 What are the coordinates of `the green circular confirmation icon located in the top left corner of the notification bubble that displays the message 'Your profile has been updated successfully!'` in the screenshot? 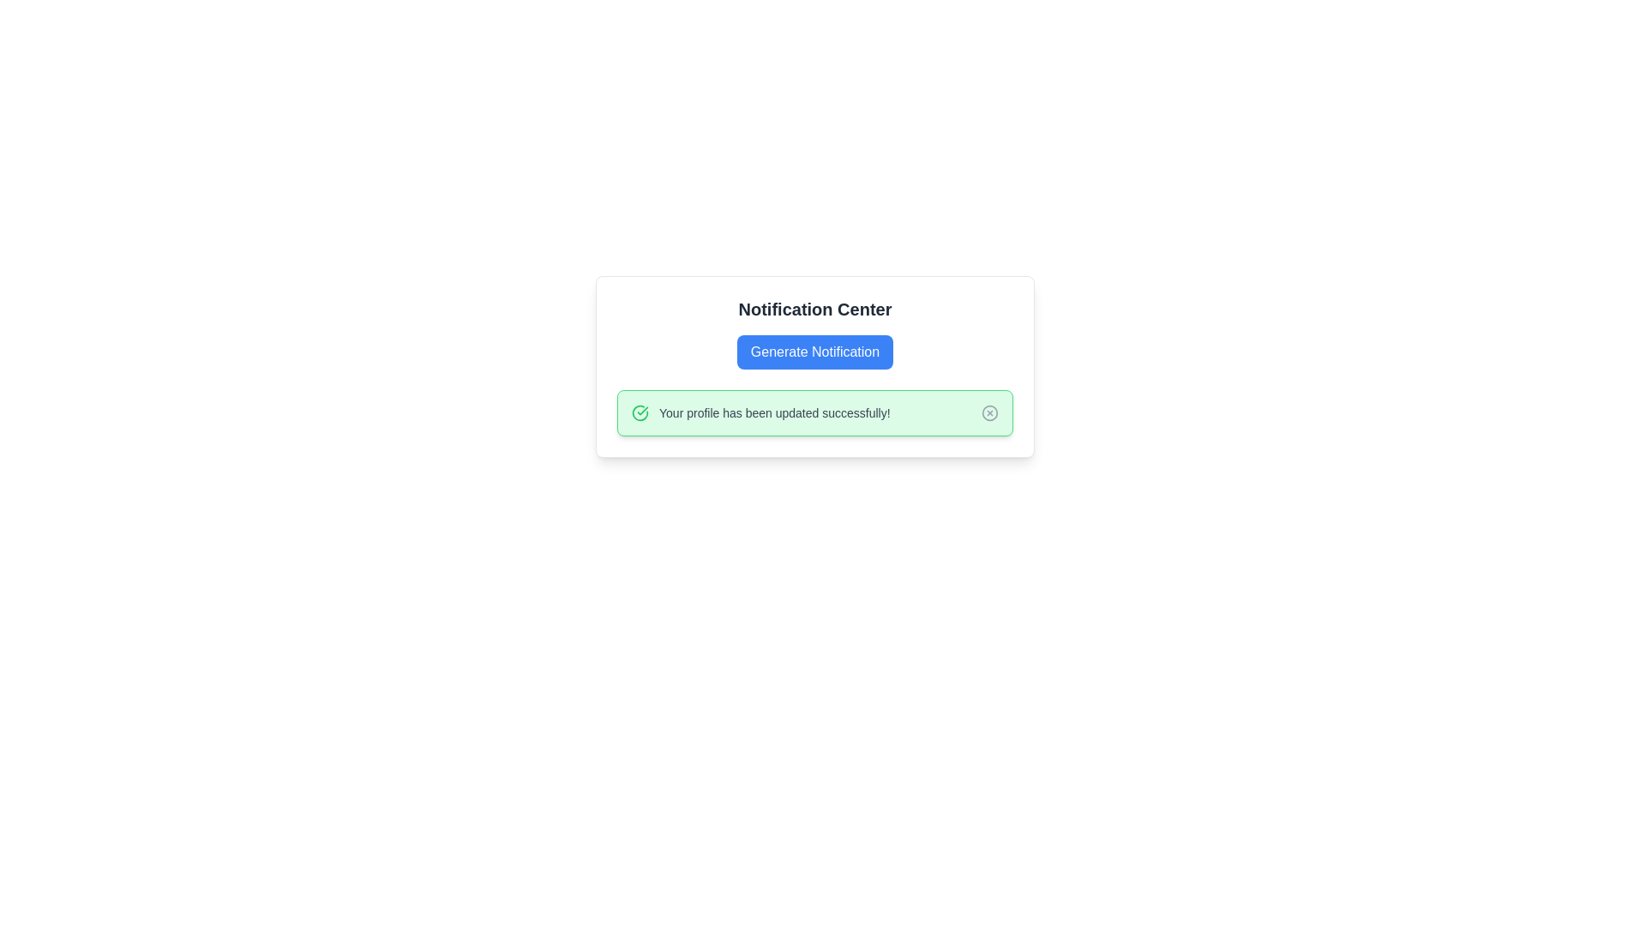 It's located at (640, 413).